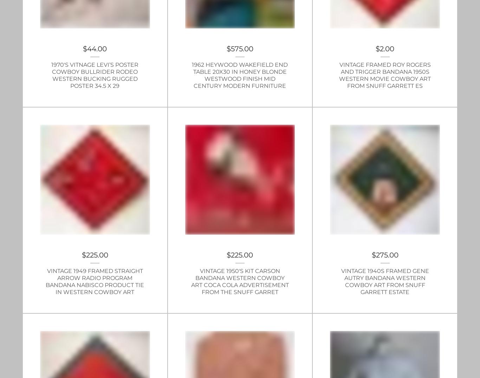  Describe the element at coordinates (380, 49) in the screenshot. I see `'2.00'` at that location.